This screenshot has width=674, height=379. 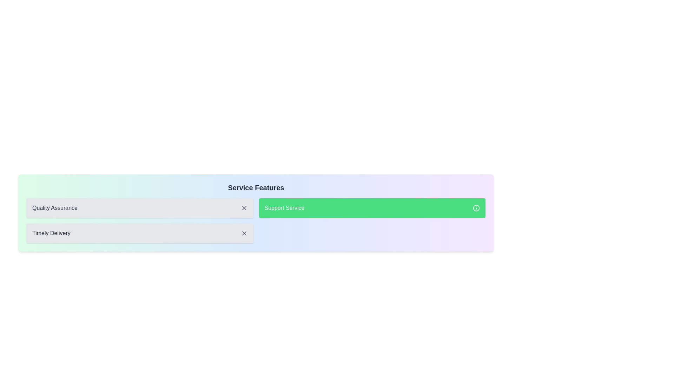 I want to click on the item labeled Quality Assurance, so click(x=140, y=208).